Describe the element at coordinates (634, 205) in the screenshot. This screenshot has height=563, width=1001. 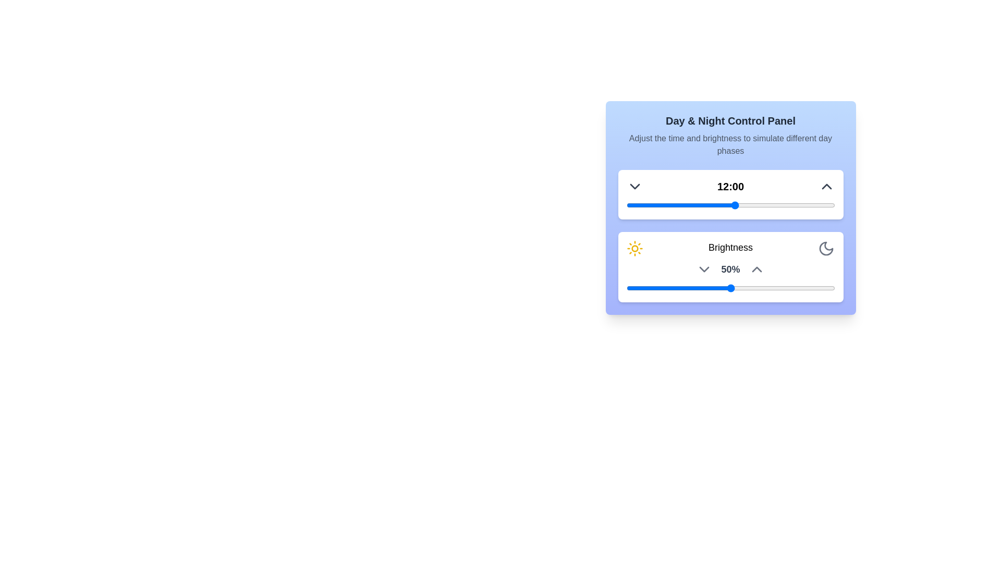
I see `time` at that location.